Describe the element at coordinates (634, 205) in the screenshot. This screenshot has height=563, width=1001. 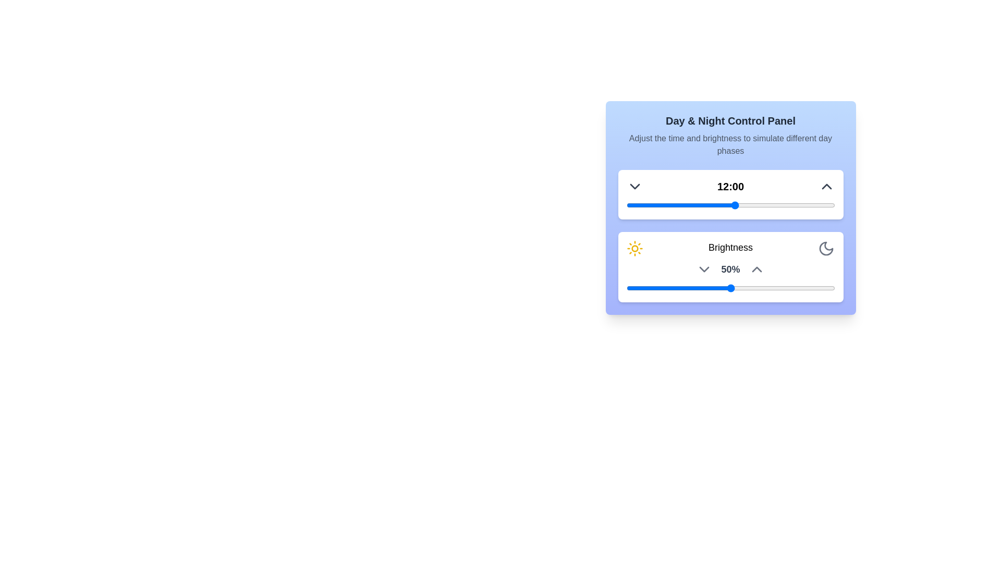
I see `time` at that location.